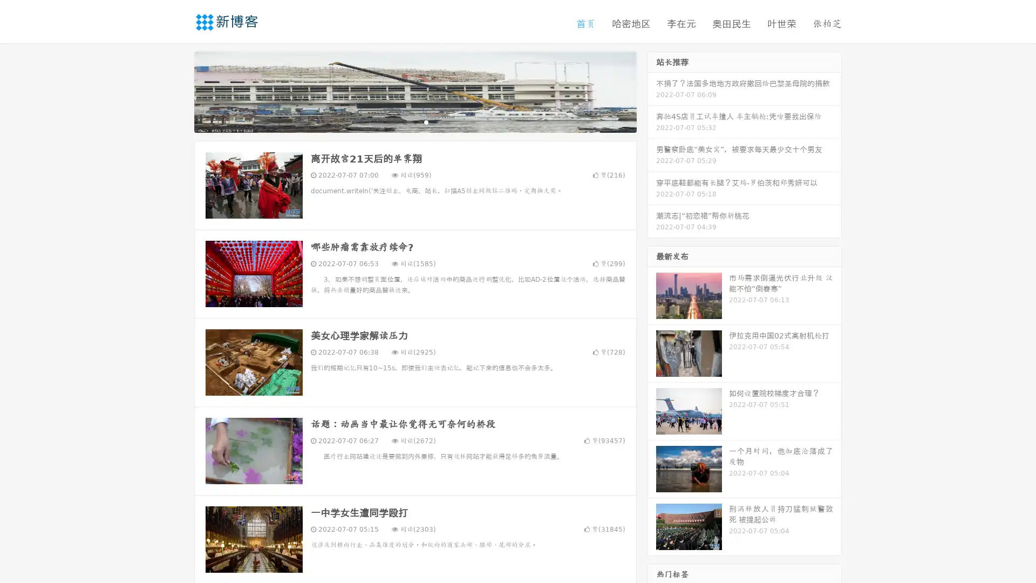 The image size is (1036, 583). Describe the element at coordinates (414, 121) in the screenshot. I see `Go to slide 2` at that location.